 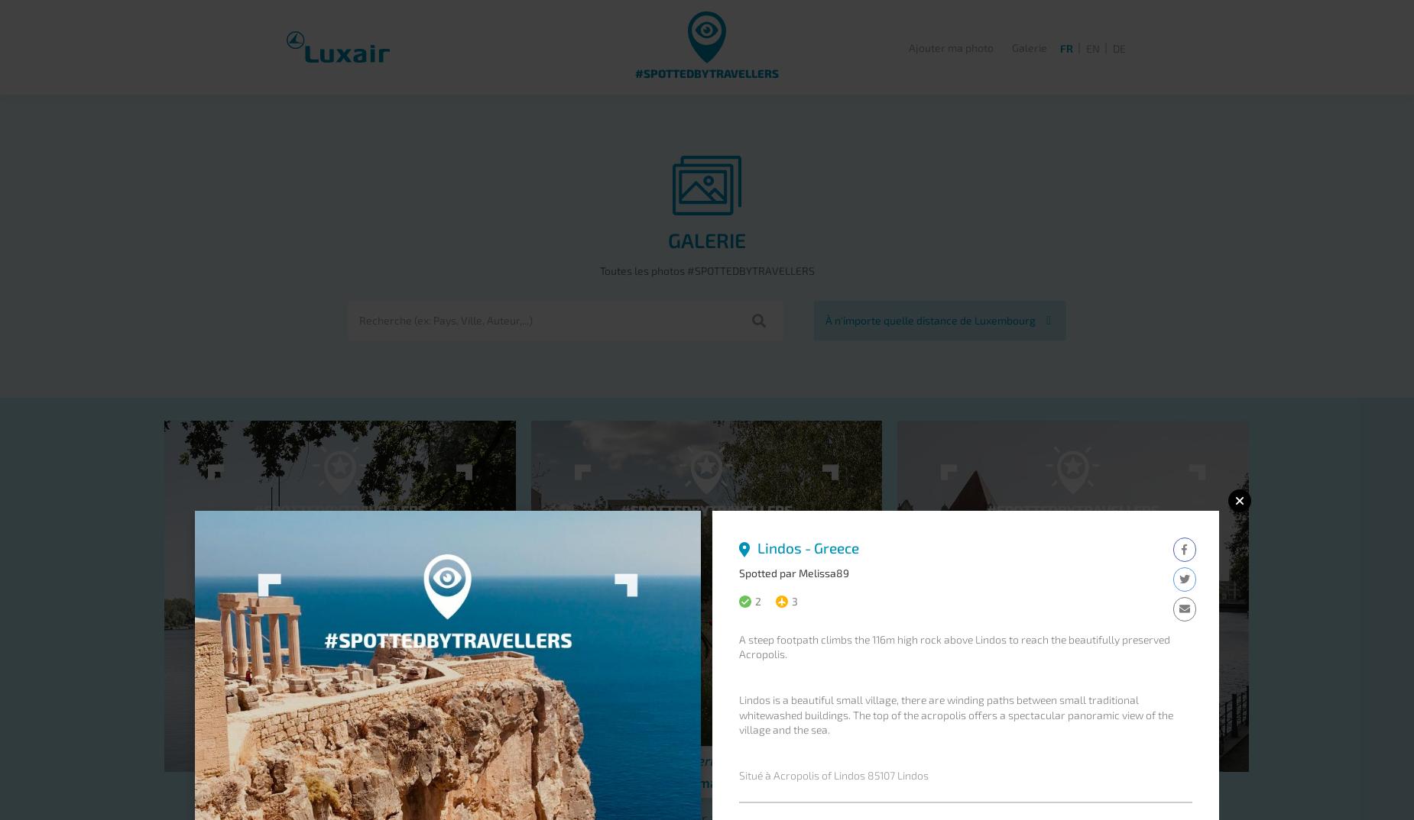 I want to click on '#spottedbytravellers', so click(x=707, y=73).